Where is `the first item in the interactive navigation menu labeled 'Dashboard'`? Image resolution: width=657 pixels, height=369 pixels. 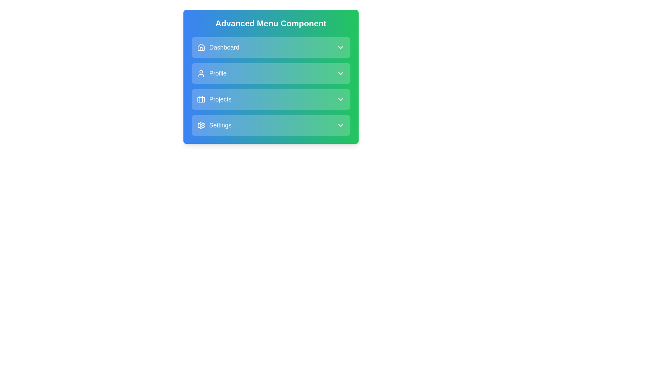 the first item in the interactive navigation menu labeled 'Dashboard' is located at coordinates (270, 47).